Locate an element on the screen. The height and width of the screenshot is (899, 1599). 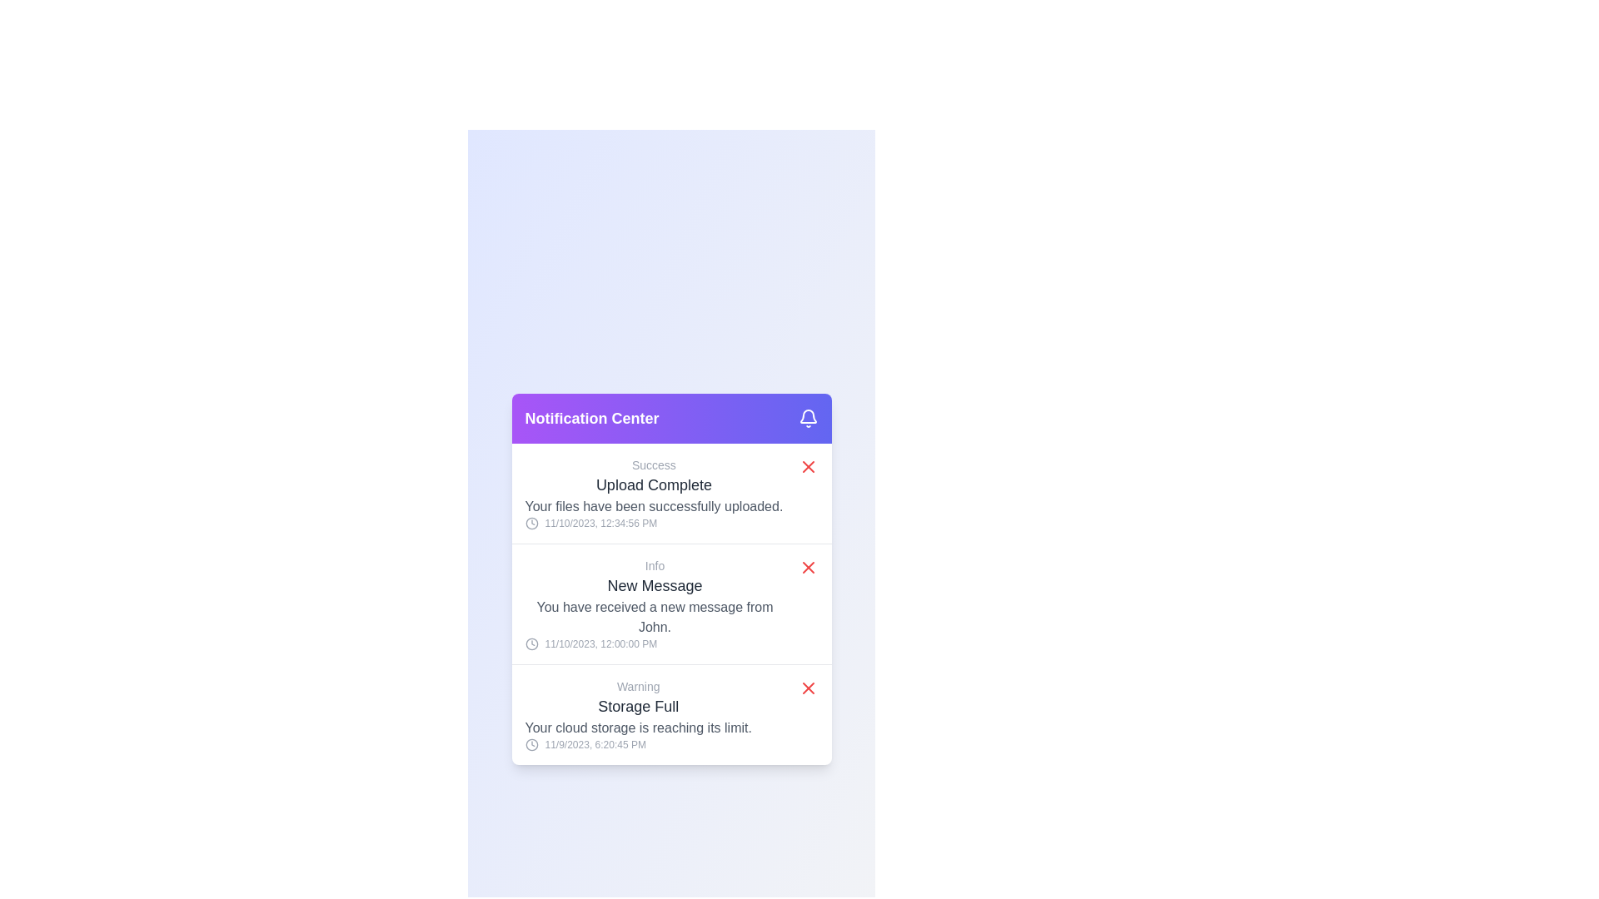
the timestamp text with clock icon located at the bottom section of the 'New Message' notification card is located at coordinates (654, 643).